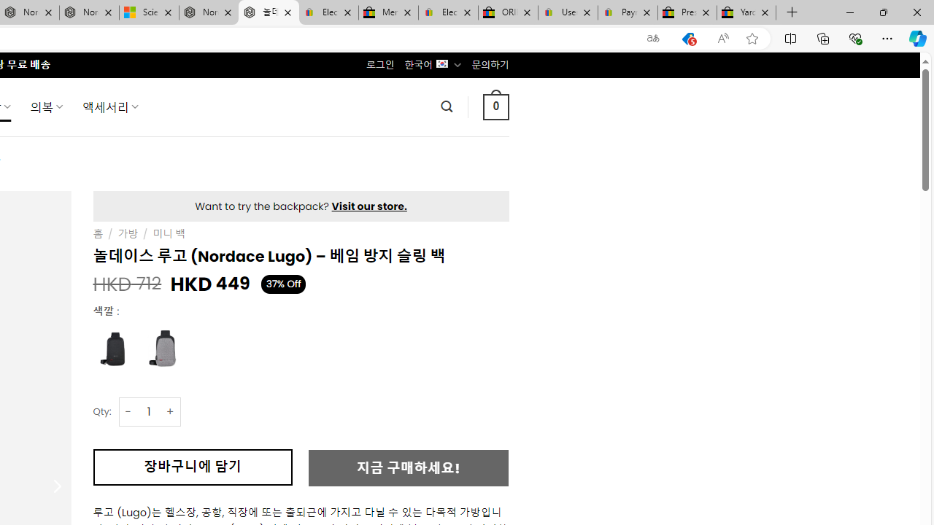 The height and width of the screenshot is (525, 934). Describe the element at coordinates (447, 12) in the screenshot. I see `'Electronics, Cars, Fashion, Collectibles & More | eBay'` at that location.